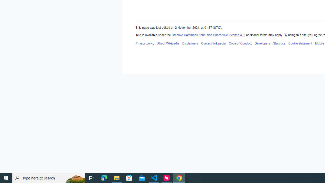  Describe the element at coordinates (168, 43) in the screenshot. I see `'About Wikipedia'` at that location.